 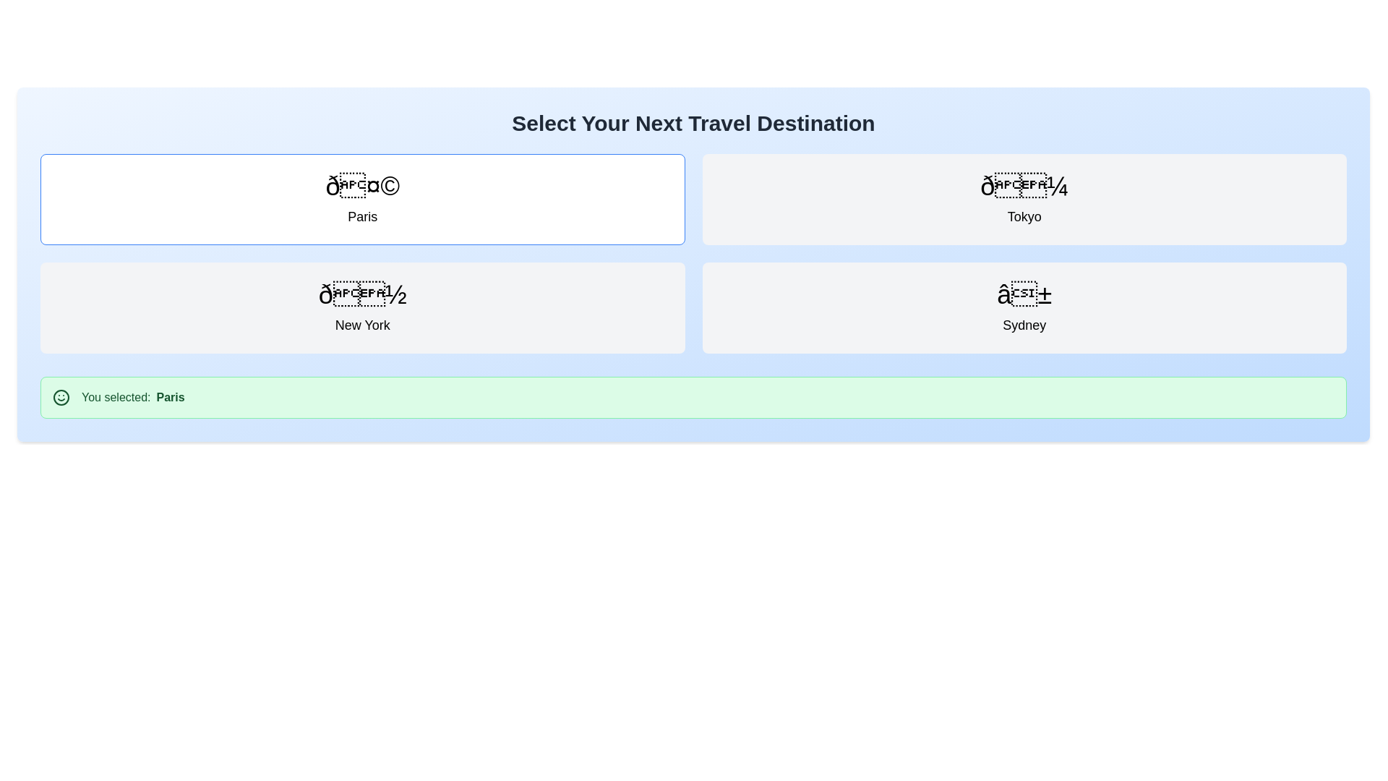 I want to click on the button labeled 'Sydney' that features a weather-related emoji, which is located in the second row and second column of the grid layout, so click(x=1024, y=307).